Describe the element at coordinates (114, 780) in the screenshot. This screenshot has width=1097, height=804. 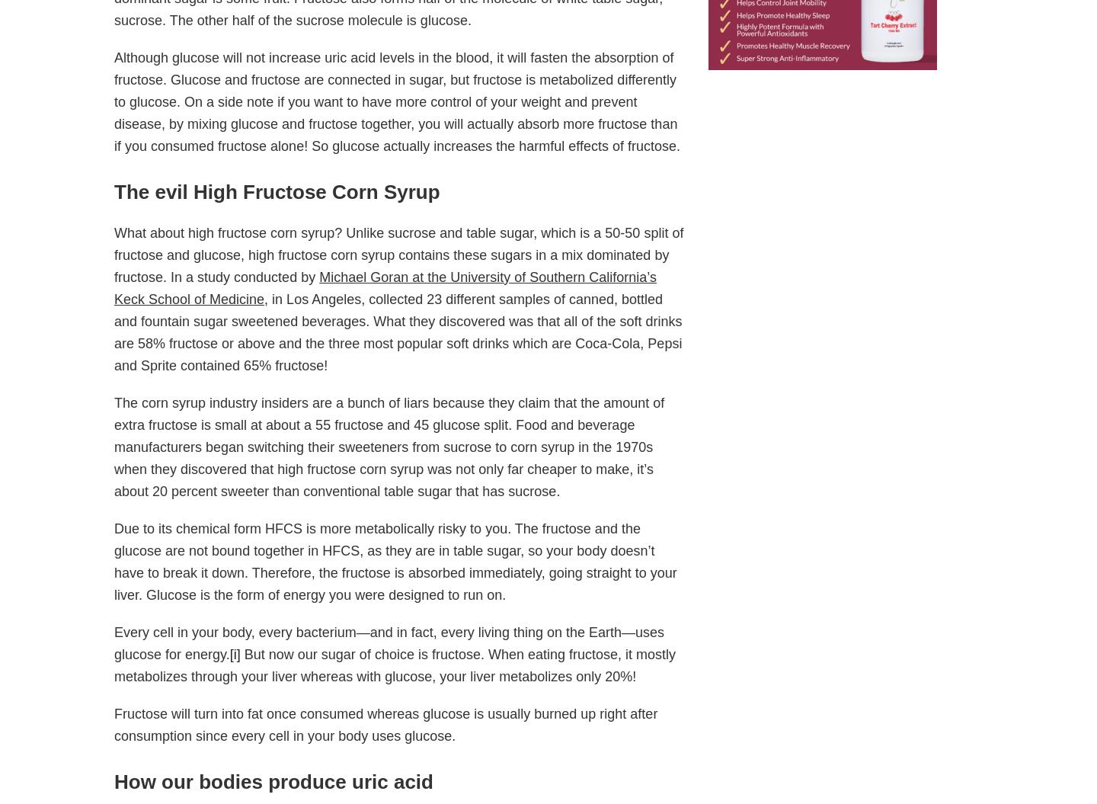
I see `'How our bodies produce uric acid'` at that location.